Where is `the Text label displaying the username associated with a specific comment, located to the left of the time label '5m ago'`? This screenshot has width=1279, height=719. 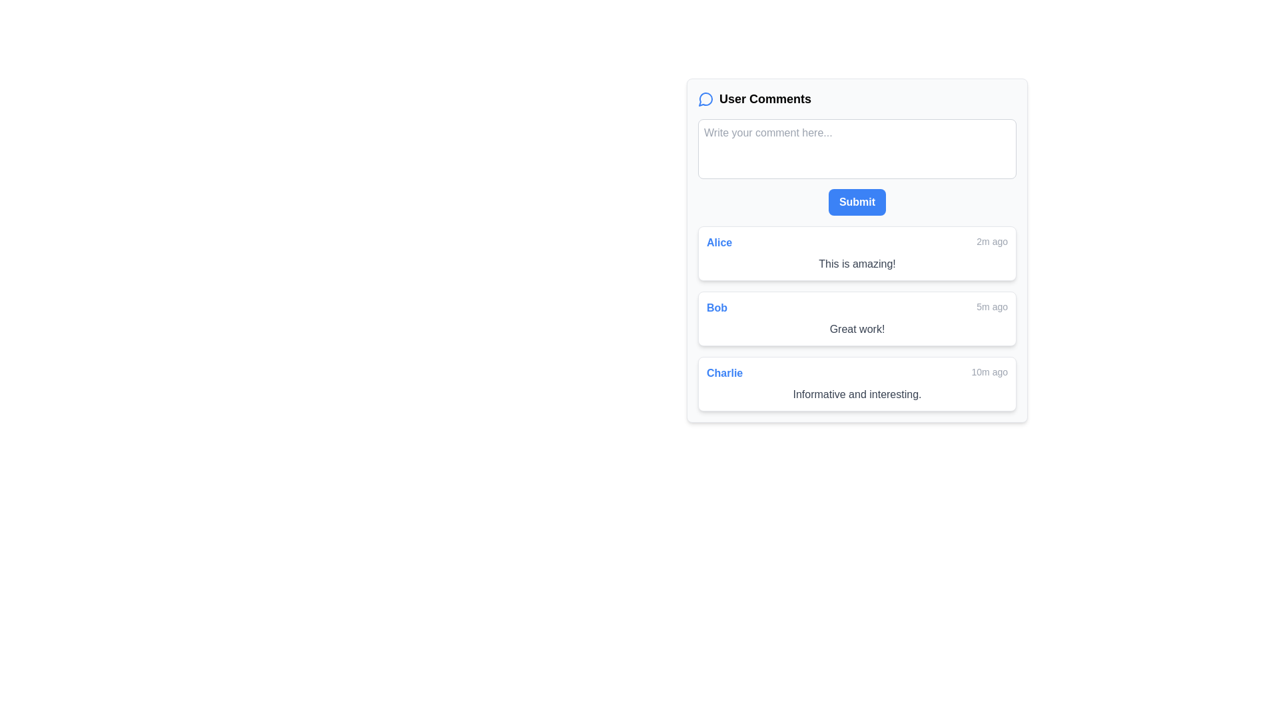 the Text label displaying the username associated with a specific comment, located to the left of the time label '5m ago' is located at coordinates (716, 308).